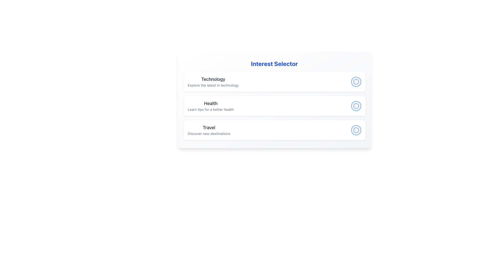 The width and height of the screenshot is (484, 272). I want to click on the central graphical component of the first radio button in the 'Technology' options to select or deselect it, so click(356, 81).